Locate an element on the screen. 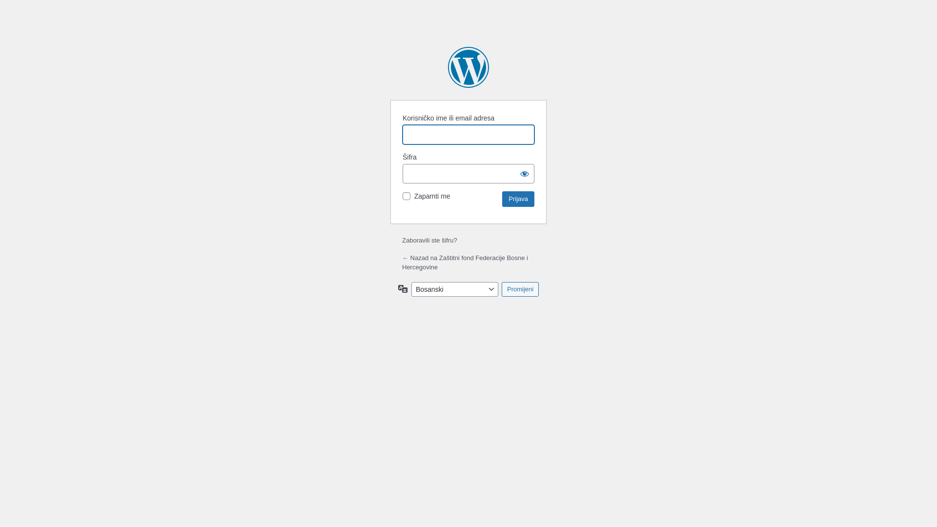 The image size is (937, 527). 'Zasnovano na WordPressu' is located at coordinates (468, 67).